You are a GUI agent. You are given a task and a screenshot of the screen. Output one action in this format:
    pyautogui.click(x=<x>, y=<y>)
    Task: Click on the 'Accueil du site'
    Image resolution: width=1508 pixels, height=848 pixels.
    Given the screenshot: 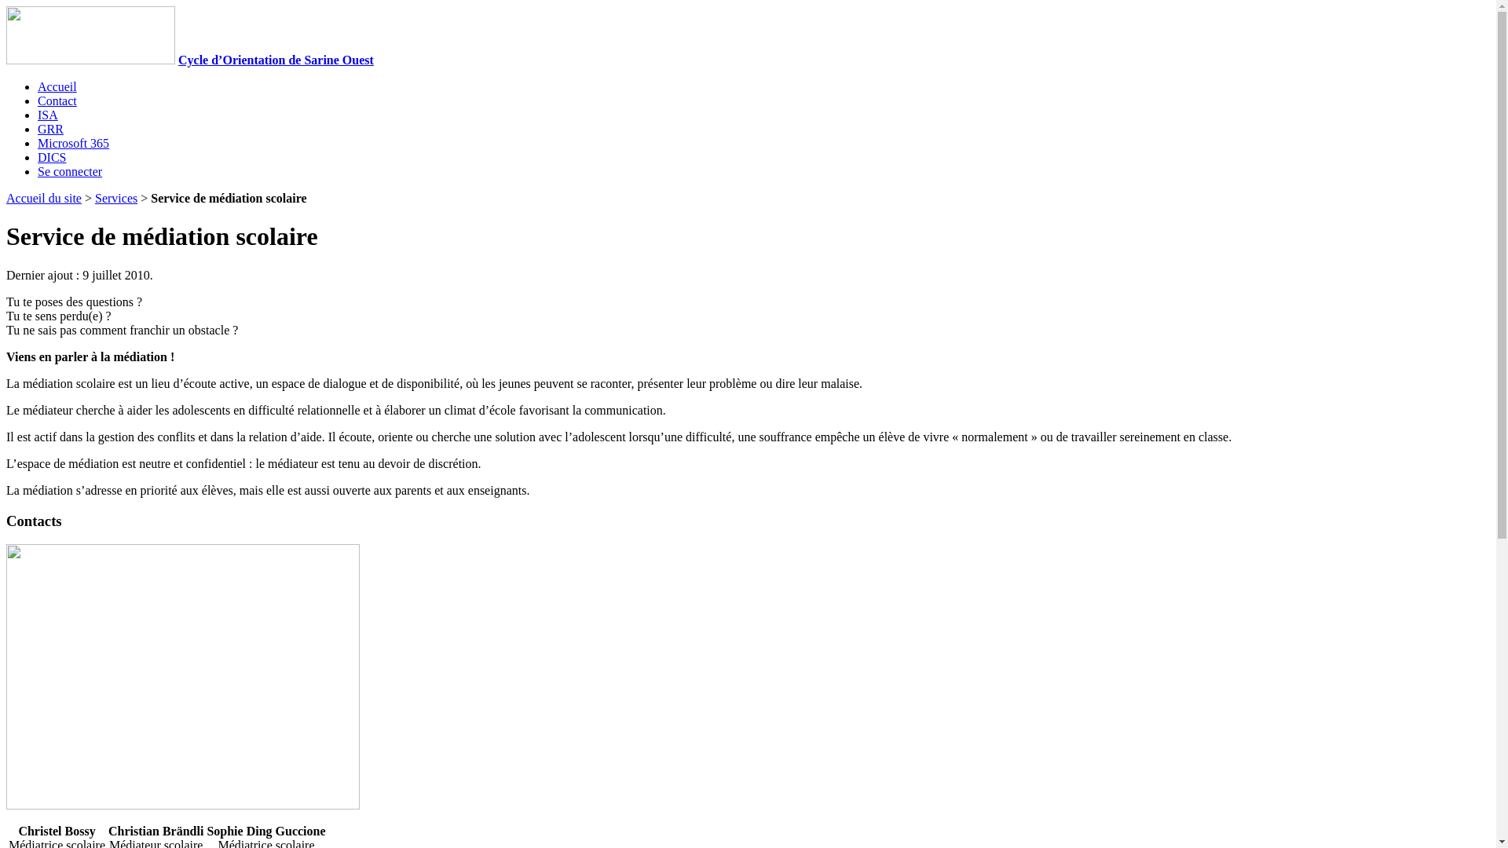 What is the action you would take?
    pyautogui.click(x=90, y=59)
    